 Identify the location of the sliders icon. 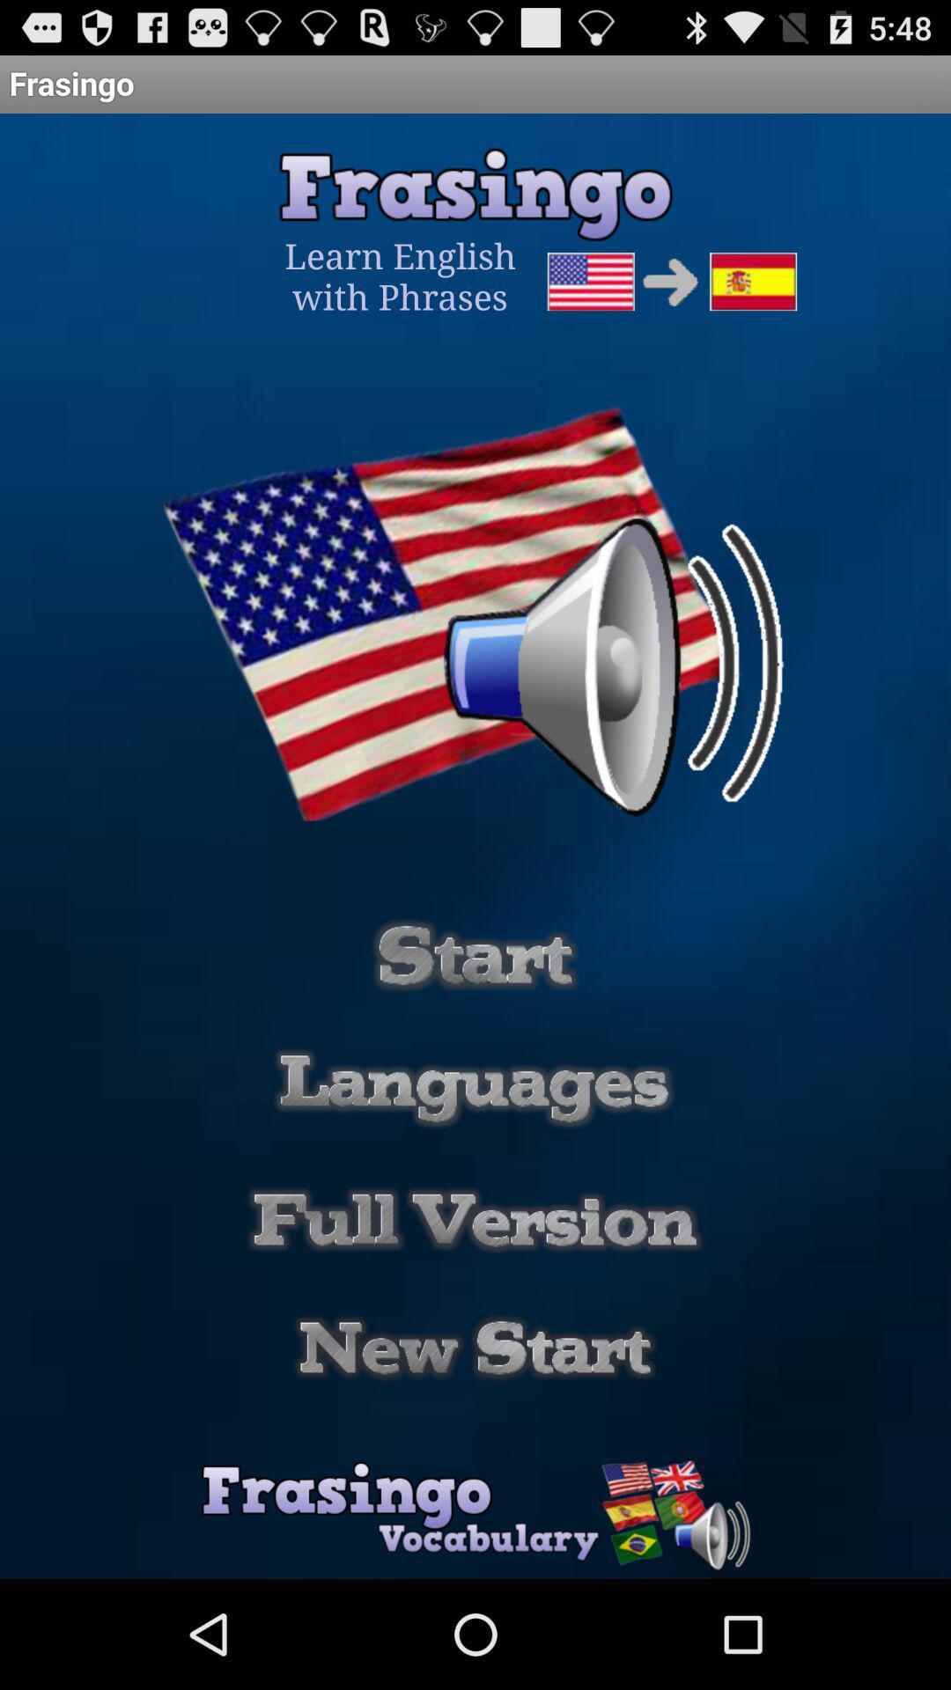
(474, 1165).